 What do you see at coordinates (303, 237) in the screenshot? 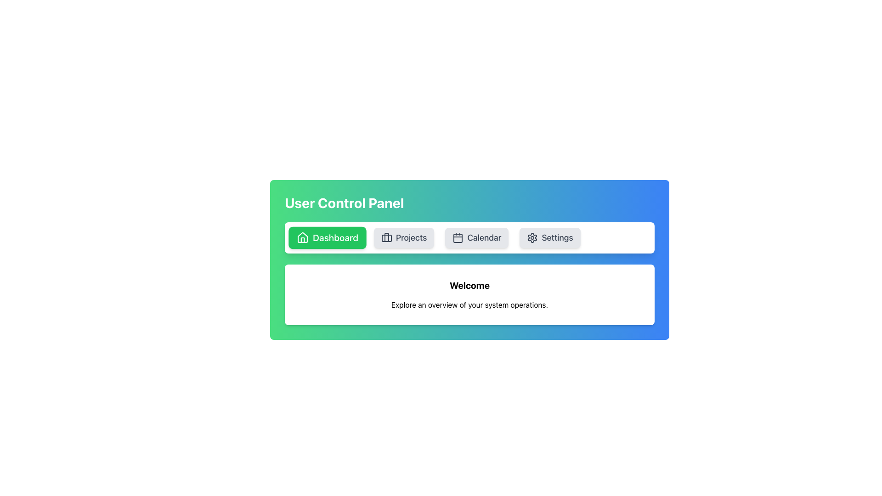
I see `the home icon located at the bottom of the grouped vector icon set, which is part of the green-highlighted dashboard button near the upper left of the user interface` at bounding box center [303, 237].